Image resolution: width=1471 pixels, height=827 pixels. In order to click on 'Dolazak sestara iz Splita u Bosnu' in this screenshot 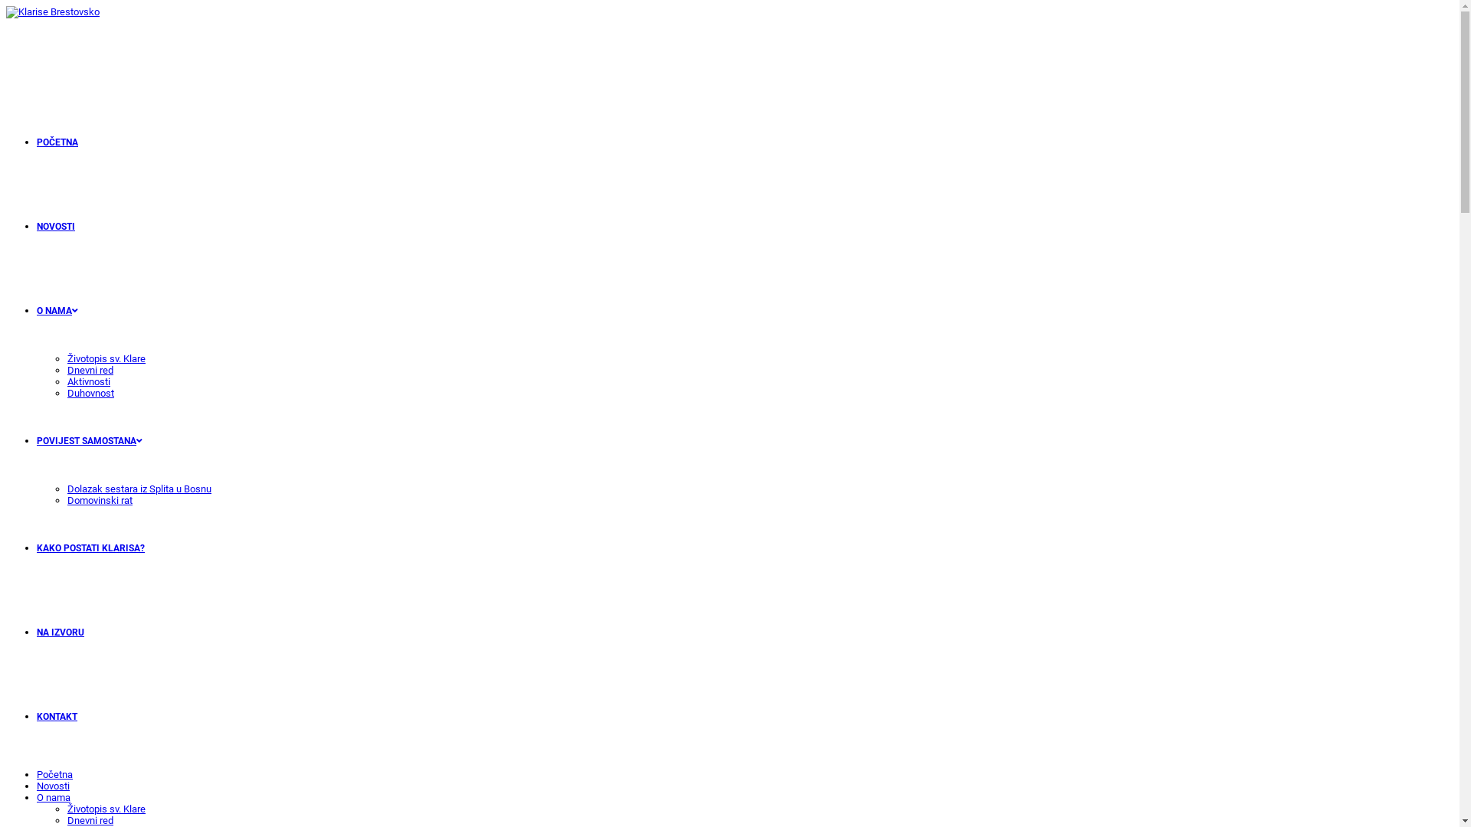, I will do `click(139, 489)`.